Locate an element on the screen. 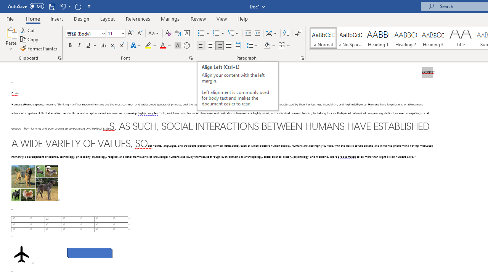  'Undo Paragraph Alignment' is located at coordinates (63, 6).